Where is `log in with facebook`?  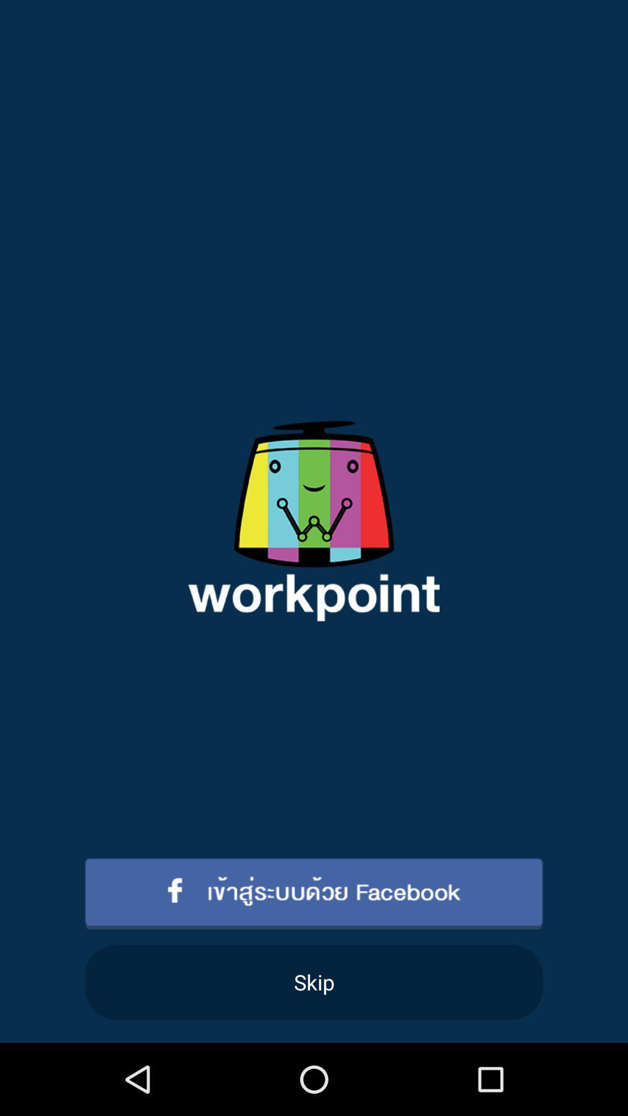 log in with facebook is located at coordinates (314, 893).